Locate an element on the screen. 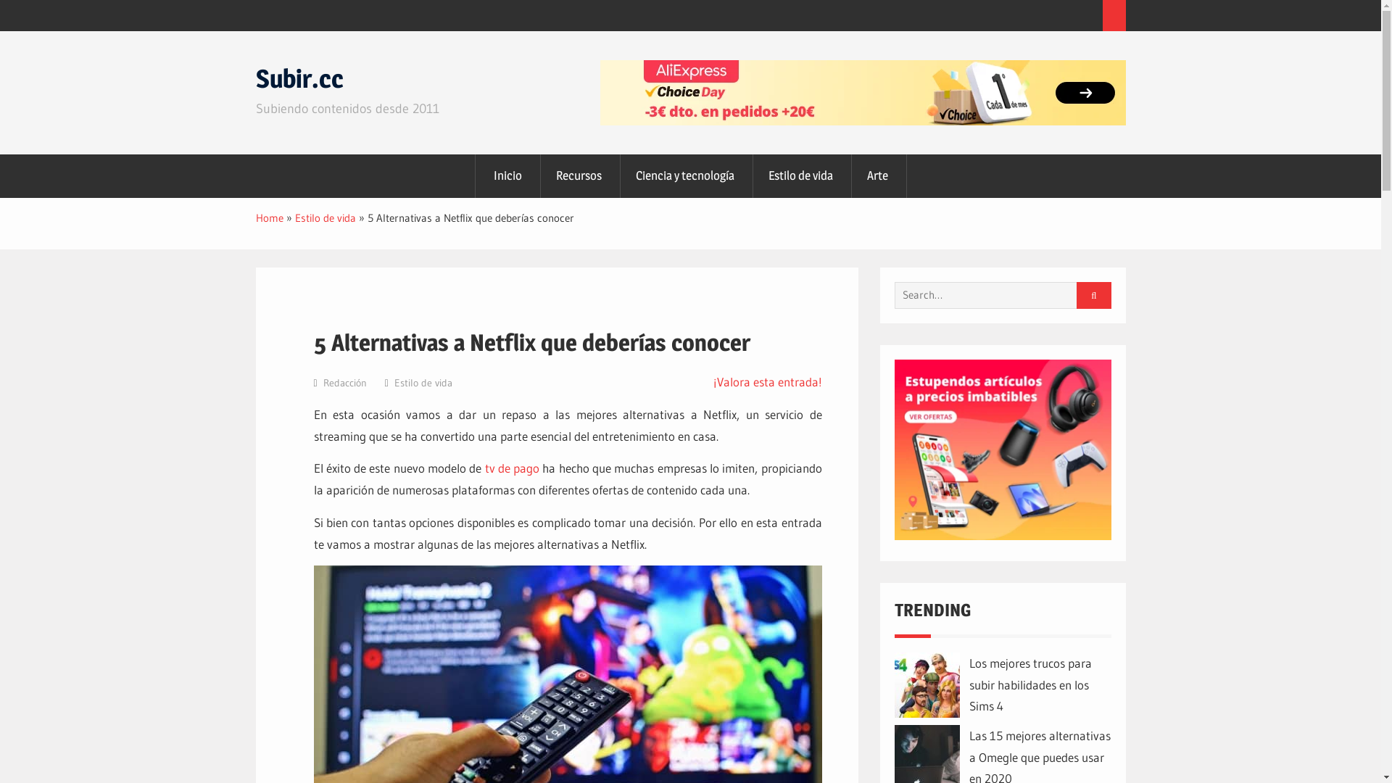 Image resolution: width=1392 pixels, height=783 pixels. 'Inicio' is located at coordinates (507, 175).